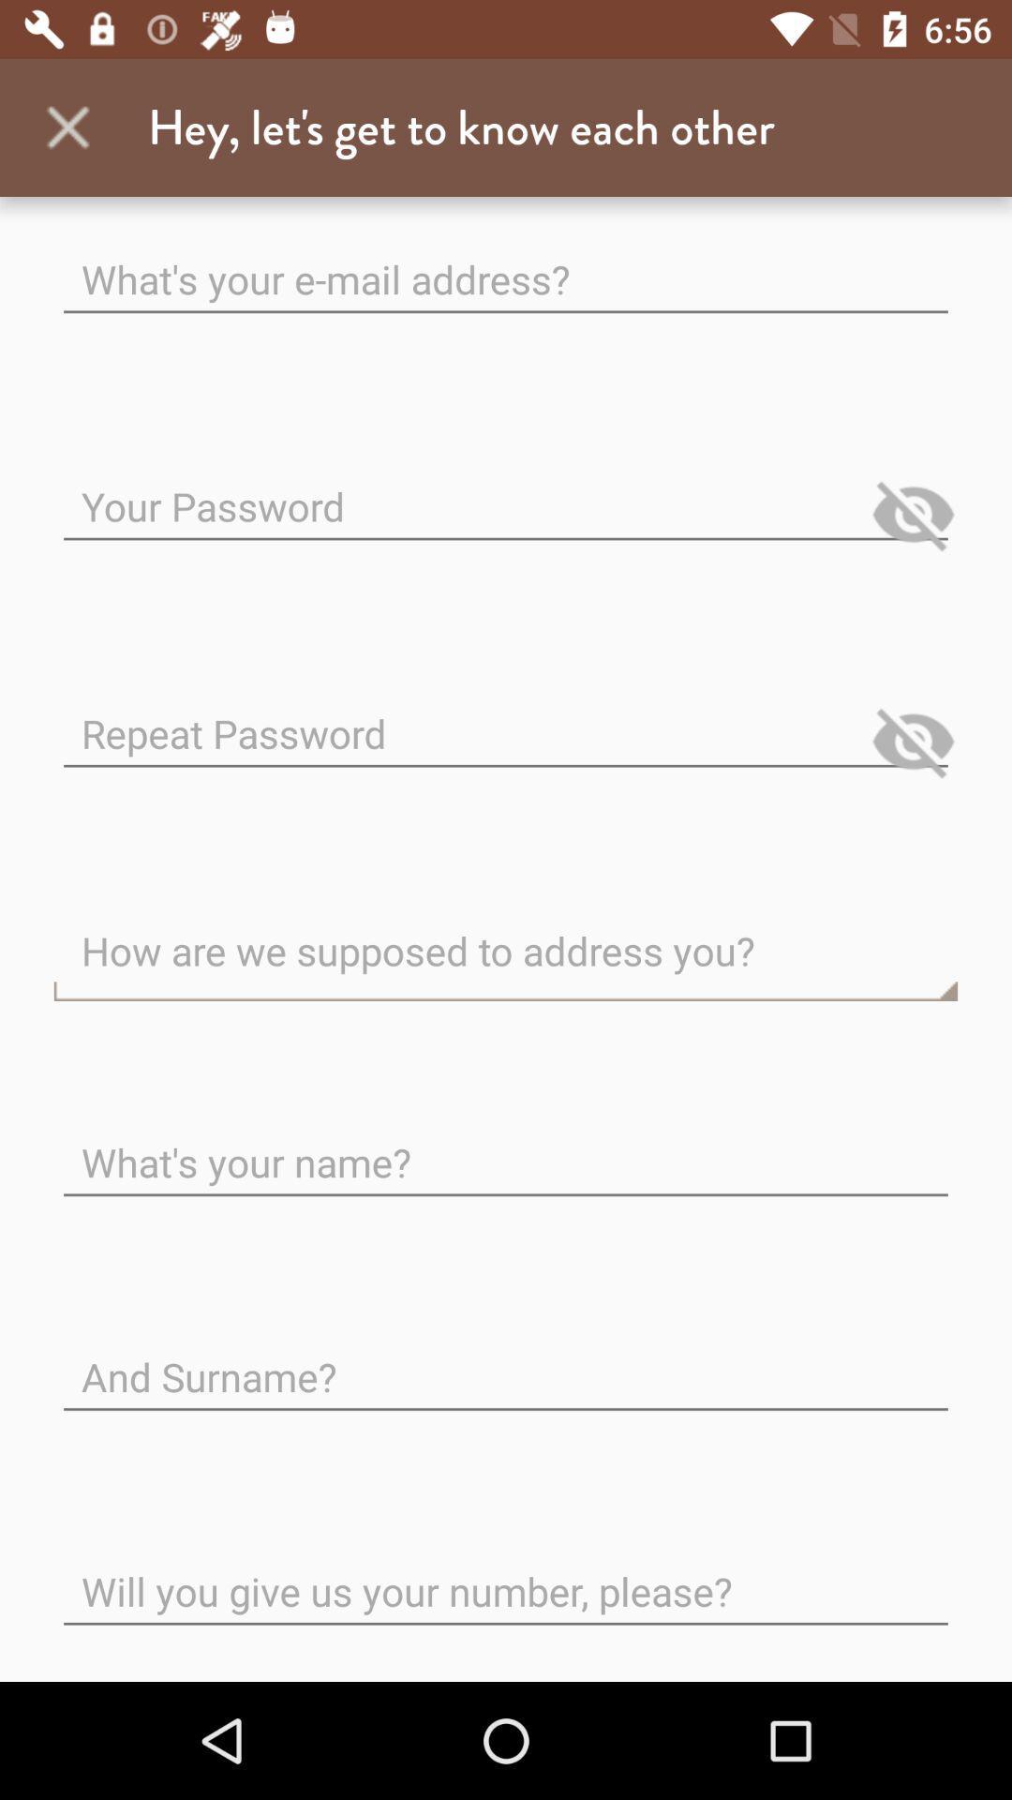  Describe the element at coordinates (67, 127) in the screenshot. I see `the icon at the top left corner` at that location.